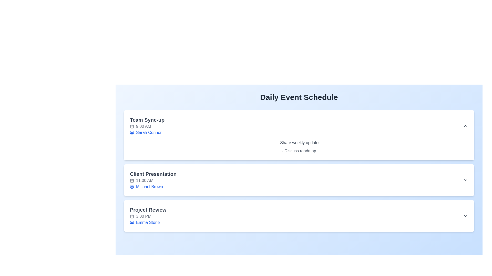  What do you see at coordinates (466, 216) in the screenshot?
I see `the downward-pointing chevron icon in the bottom-right corner of the 'Project Review' card` at bounding box center [466, 216].